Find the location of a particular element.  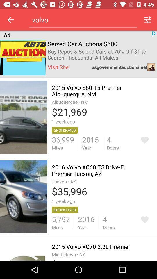

the option 4 doors right to 2016 year is located at coordinates (109, 222).